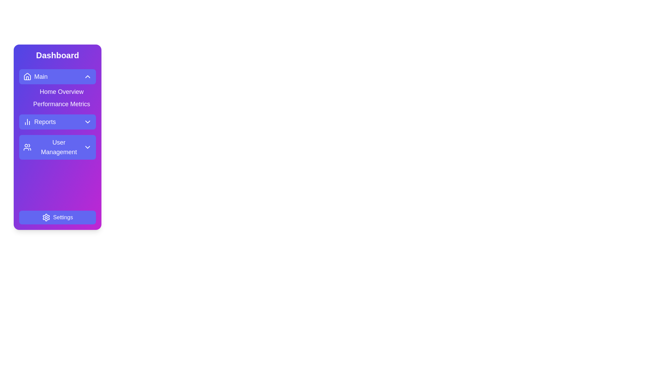  Describe the element at coordinates (87, 121) in the screenshot. I see `the downward-facing chevron icon indicating a dropdown menu next to the 'Reports' button` at that location.